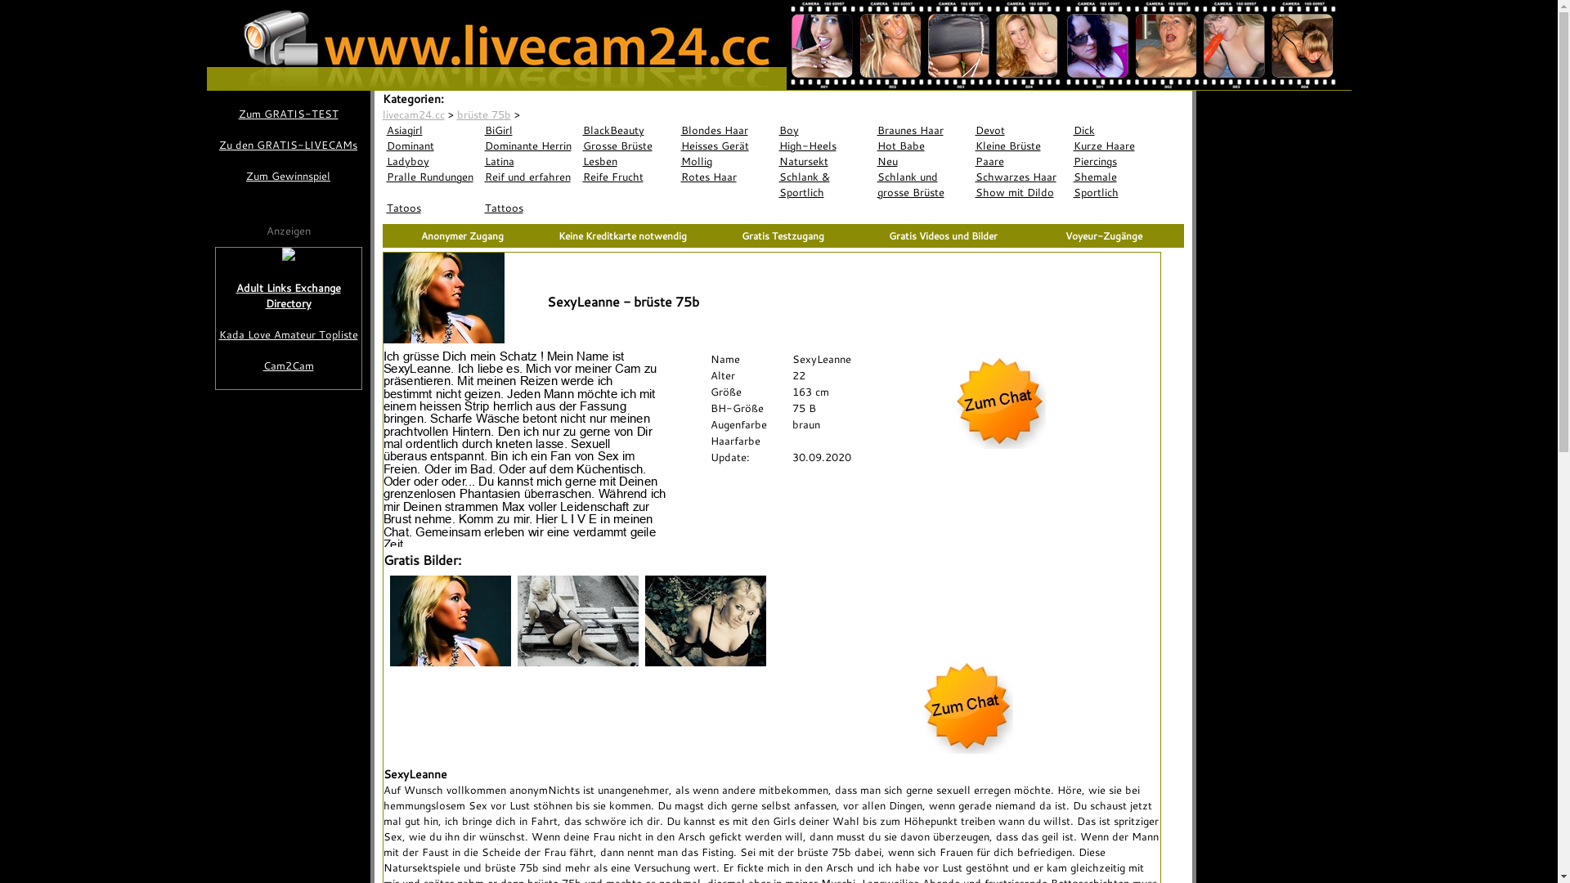  What do you see at coordinates (922, 161) in the screenshot?
I see `'Neu'` at bounding box center [922, 161].